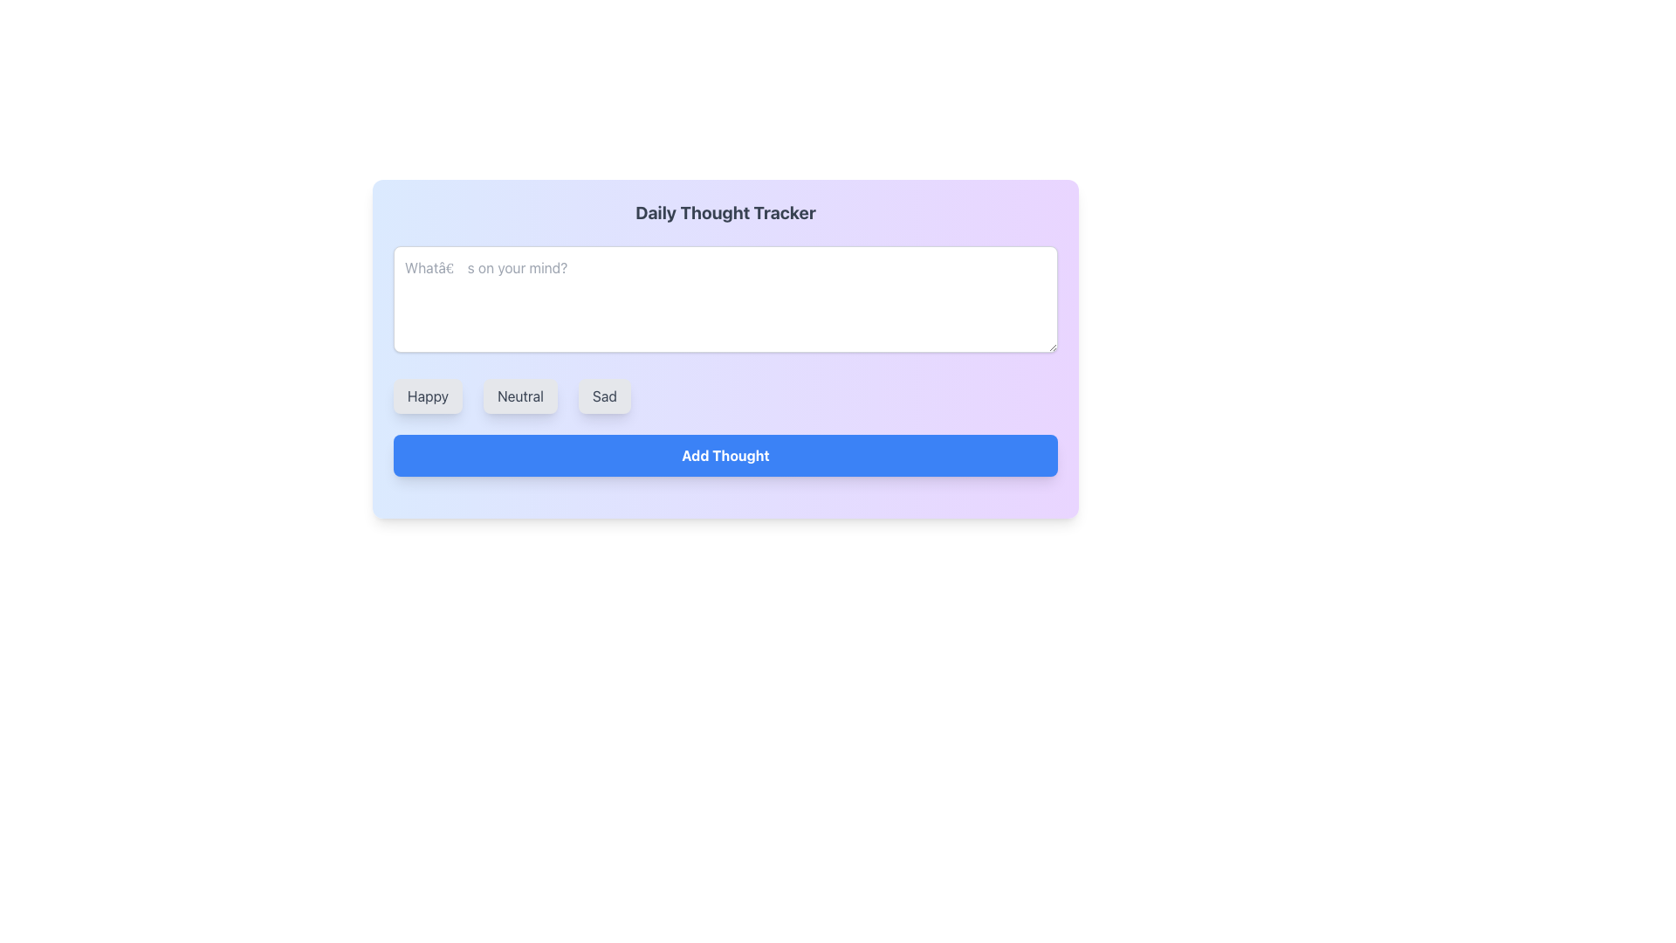 This screenshot has height=943, width=1676. Describe the element at coordinates (604, 396) in the screenshot. I see `the 'Sad' button in the mood tracking interface` at that location.